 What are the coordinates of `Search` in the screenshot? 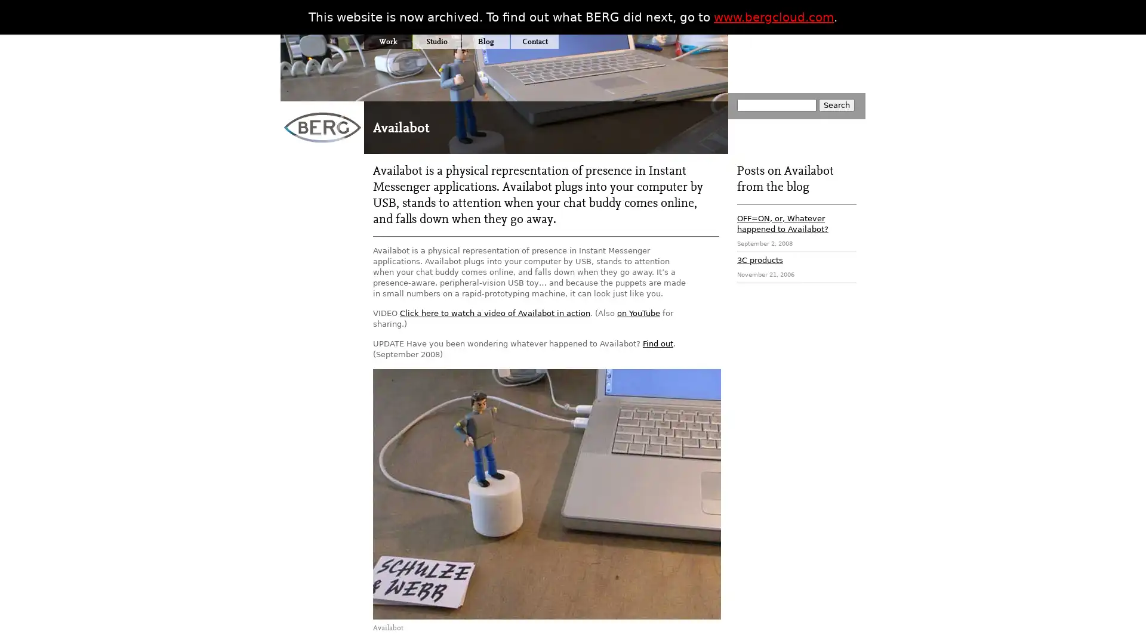 It's located at (836, 104).